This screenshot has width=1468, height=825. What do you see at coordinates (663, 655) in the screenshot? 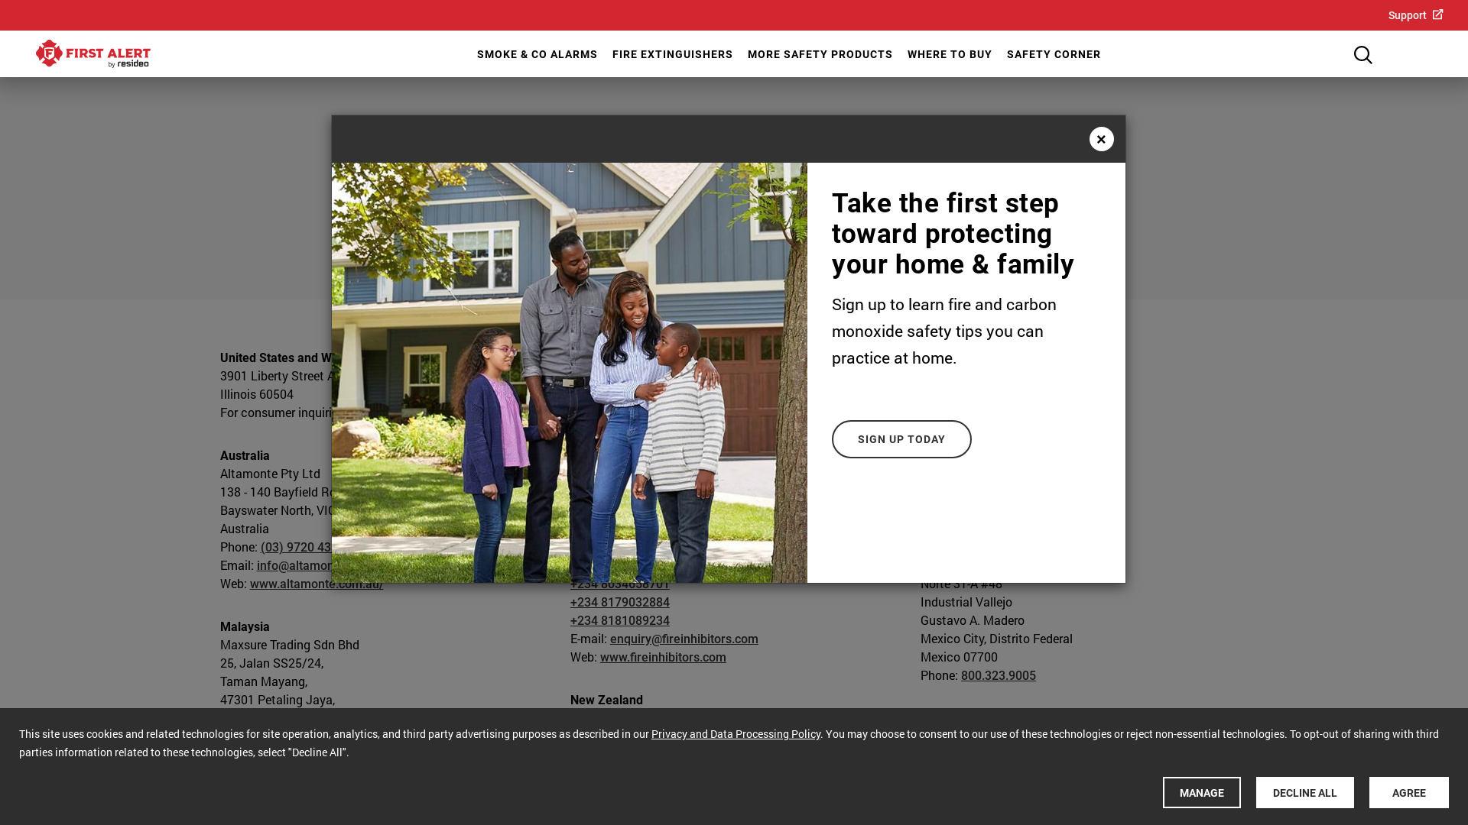
I see `'www.fireinhibitors.com'` at bounding box center [663, 655].